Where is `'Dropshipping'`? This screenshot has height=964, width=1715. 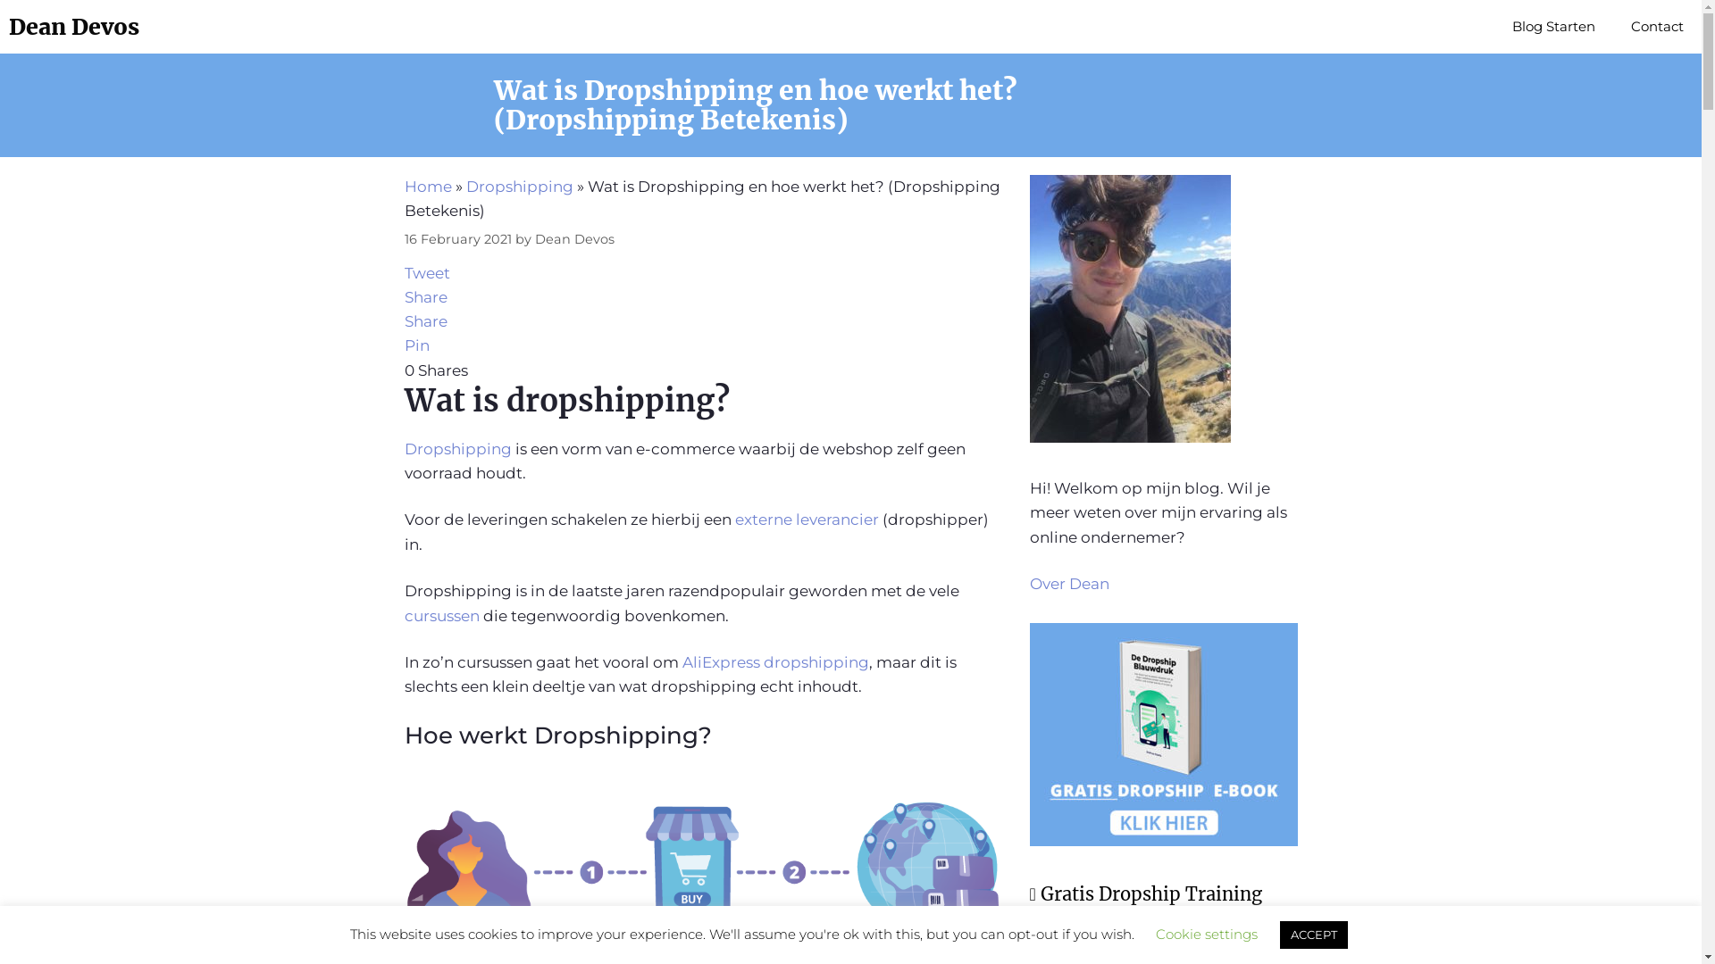 'Dropshipping' is located at coordinates (518, 186).